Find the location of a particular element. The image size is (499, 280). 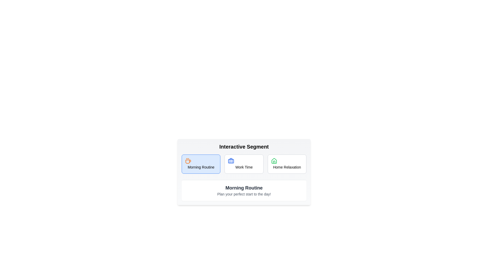

the rounded blue button labeled 'Morning Routine' that contains the orange coffee cup icon is located at coordinates (188, 161).